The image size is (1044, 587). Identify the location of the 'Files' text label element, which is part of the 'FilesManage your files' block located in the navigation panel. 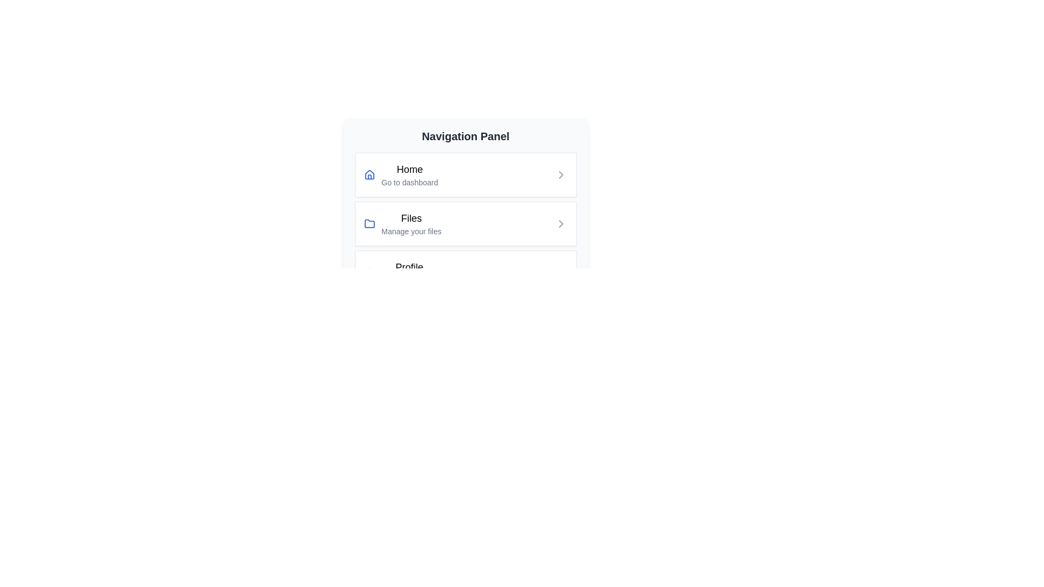
(411, 223).